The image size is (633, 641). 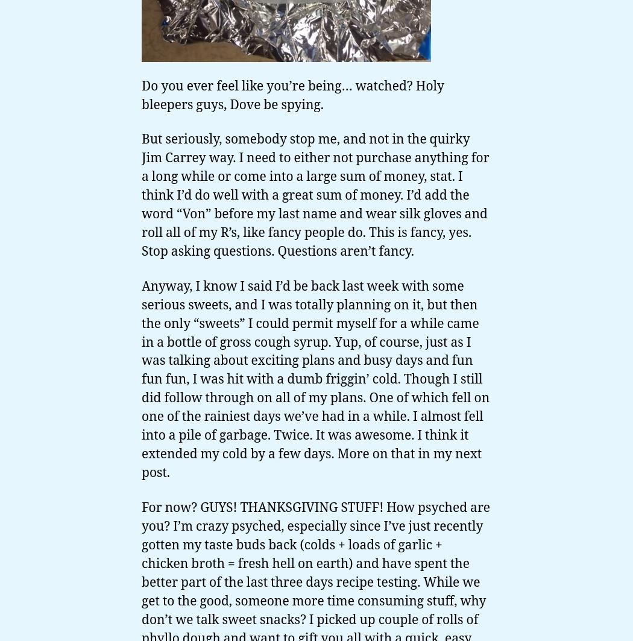 What do you see at coordinates (24, 536) in the screenshot?
I see `'Cakes'` at bounding box center [24, 536].